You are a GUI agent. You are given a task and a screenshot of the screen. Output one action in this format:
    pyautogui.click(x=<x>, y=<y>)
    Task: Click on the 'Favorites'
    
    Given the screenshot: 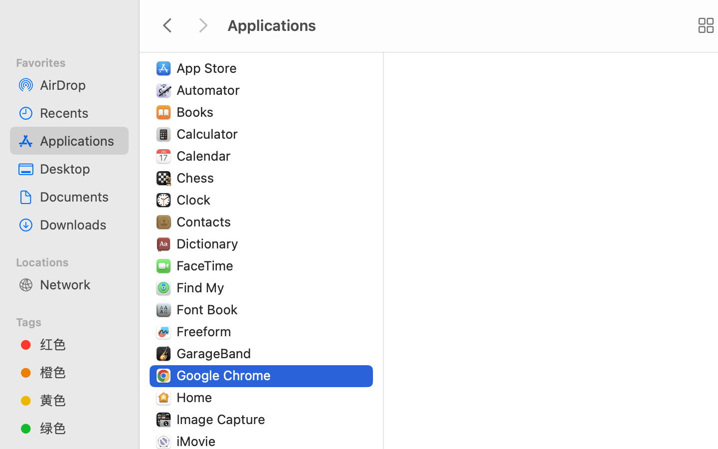 What is the action you would take?
    pyautogui.click(x=75, y=61)
    